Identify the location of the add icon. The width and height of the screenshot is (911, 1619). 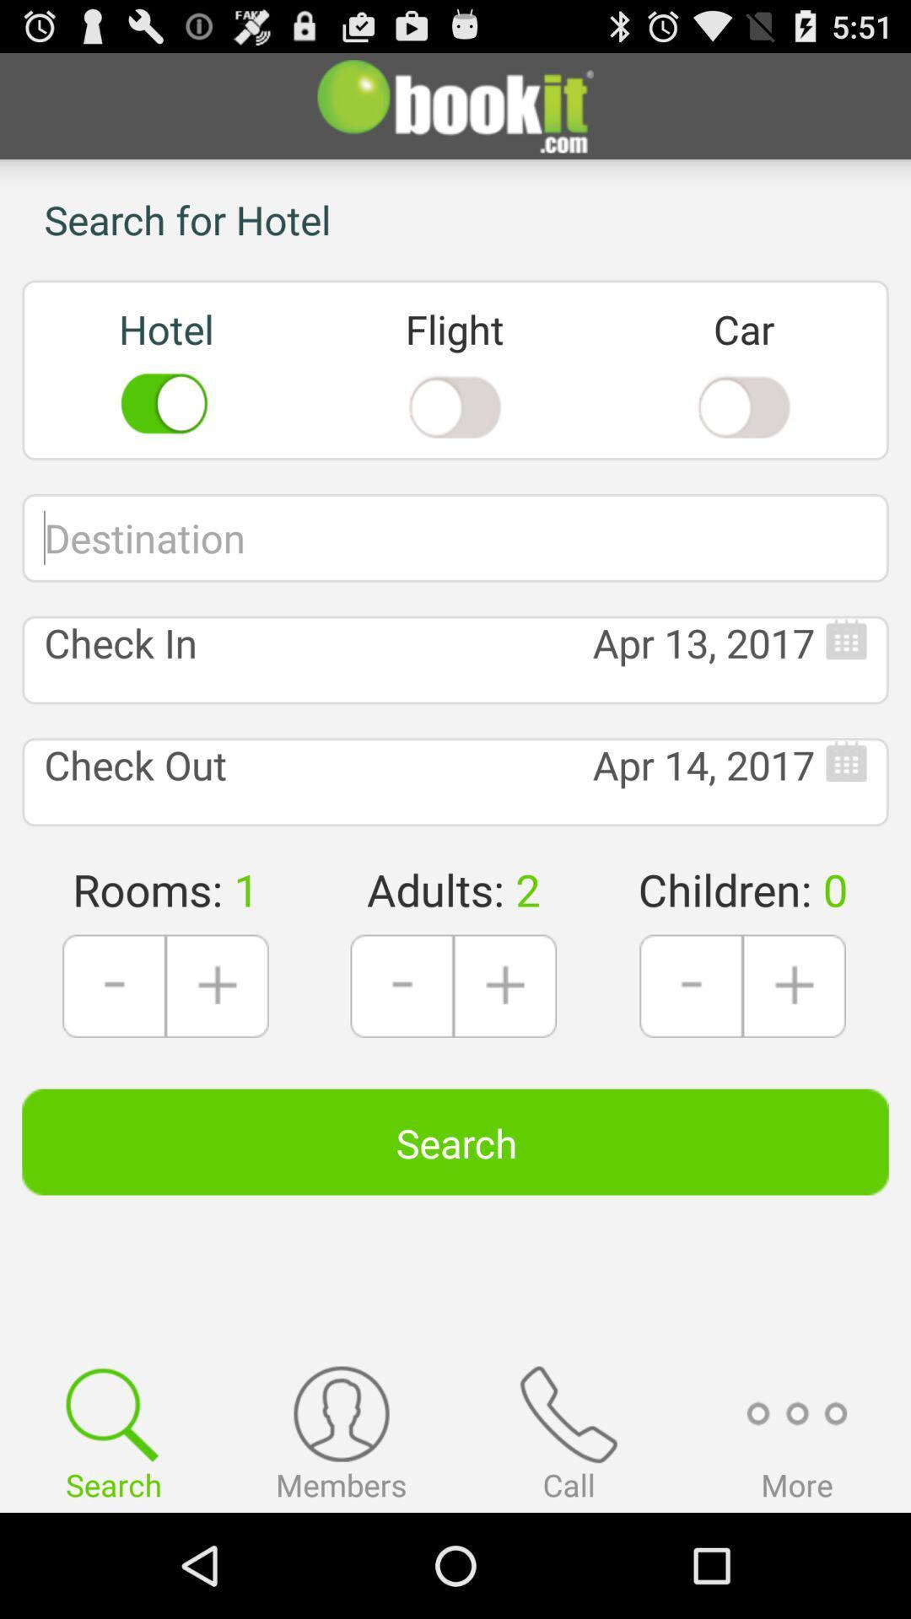
(216, 1054).